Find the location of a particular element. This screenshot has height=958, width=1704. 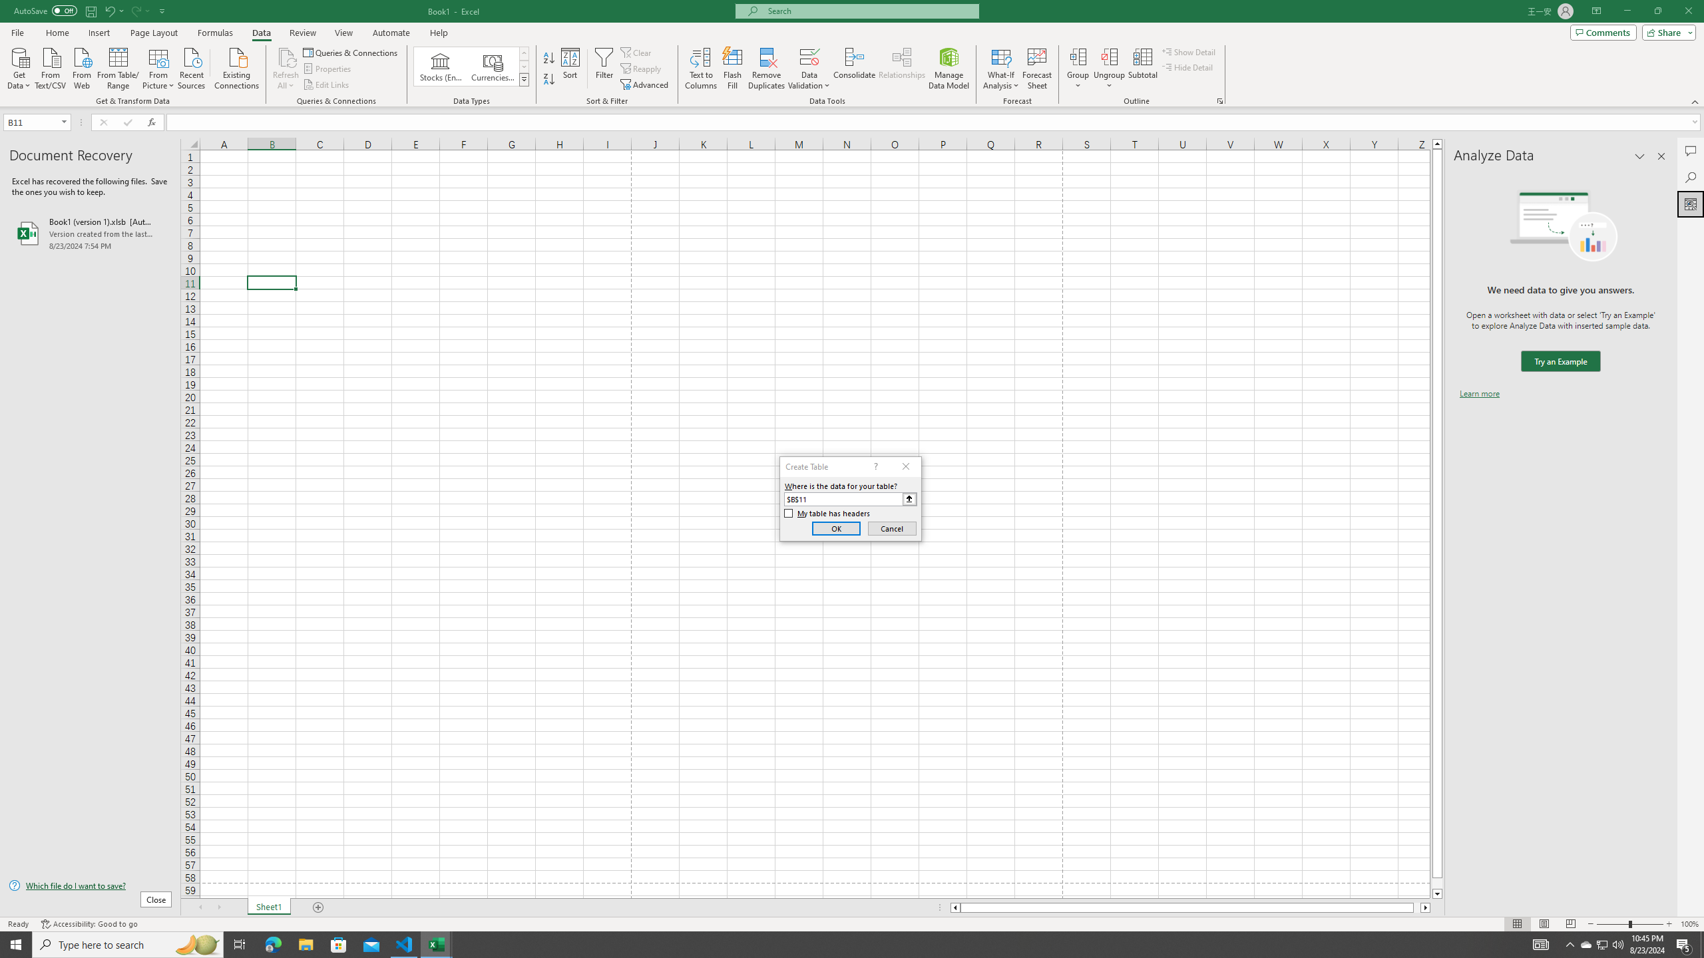

'Advanced...' is located at coordinates (646, 84).